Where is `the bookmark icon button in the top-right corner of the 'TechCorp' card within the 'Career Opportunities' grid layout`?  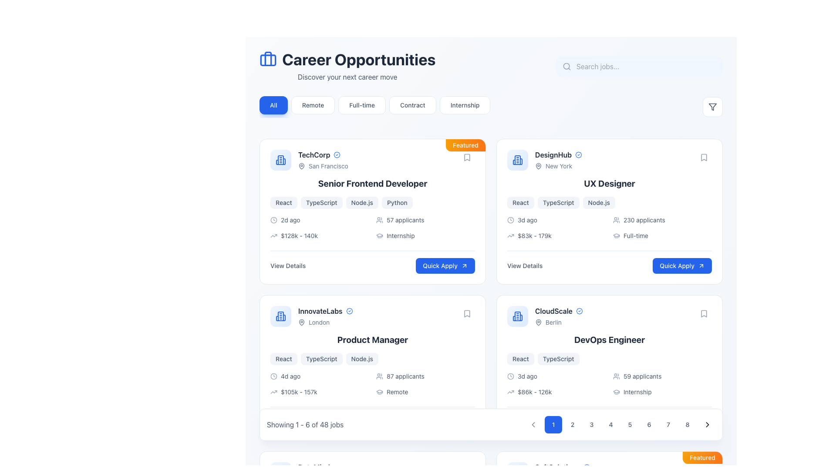
the bookmark icon button in the top-right corner of the 'TechCorp' card within the 'Career Opportunities' grid layout is located at coordinates (467, 158).